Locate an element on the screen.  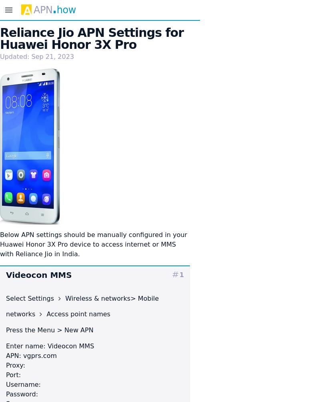
'Sep 21, 2023' is located at coordinates (52, 56).